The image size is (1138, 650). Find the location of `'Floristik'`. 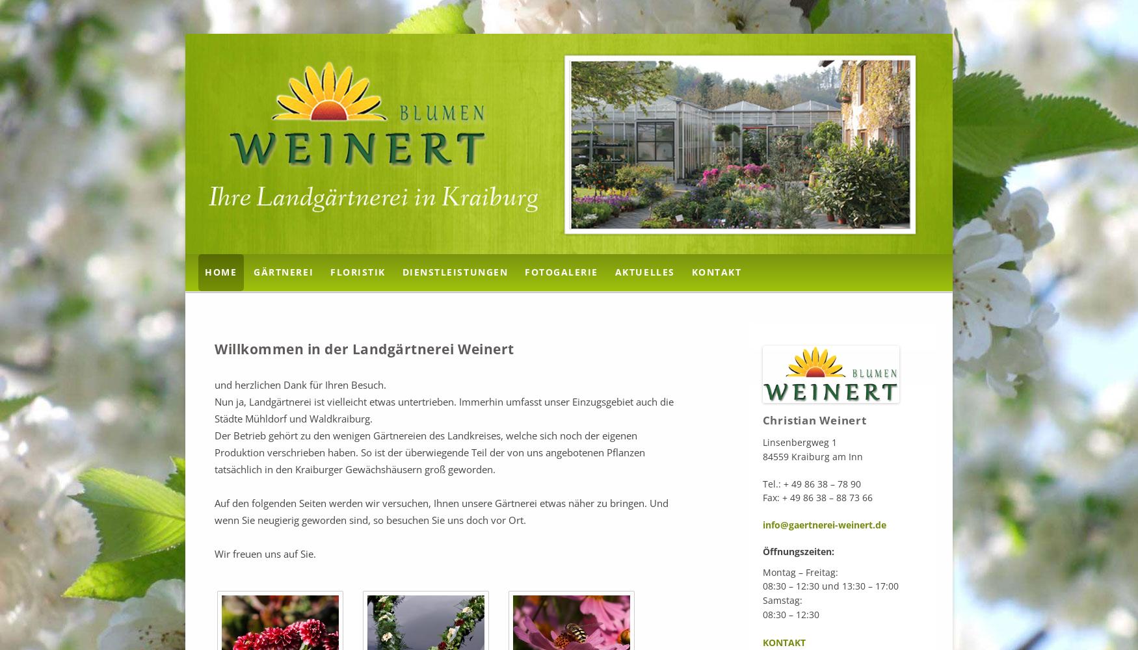

'Floristik' is located at coordinates (357, 272).